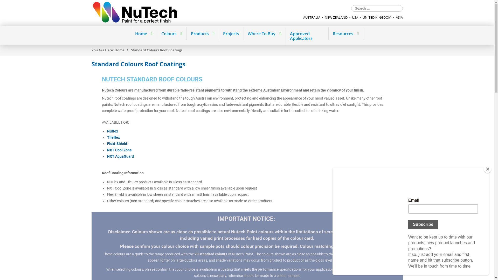 The width and height of the screenshot is (498, 280). What do you see at coordinates (119, 50) in the screenshot?
I see `'Home'` at bounding box center [119, 50].